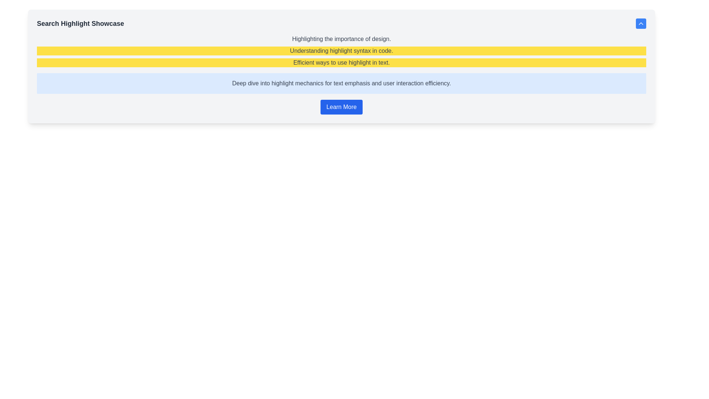  I want to click on the text label that reads 'Understanding highlight syntax in code.' which has a yellow background and gray text, positioned between 'Highlighting the importance of design.' and 'Efficient ways to use highlight in text.', so click(341, 51).